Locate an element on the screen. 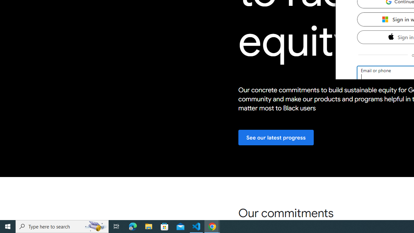 Image resolution: width=414 pixels, height=233 pixels. 'Microsoft Store' is located at coordinates (165, 226).